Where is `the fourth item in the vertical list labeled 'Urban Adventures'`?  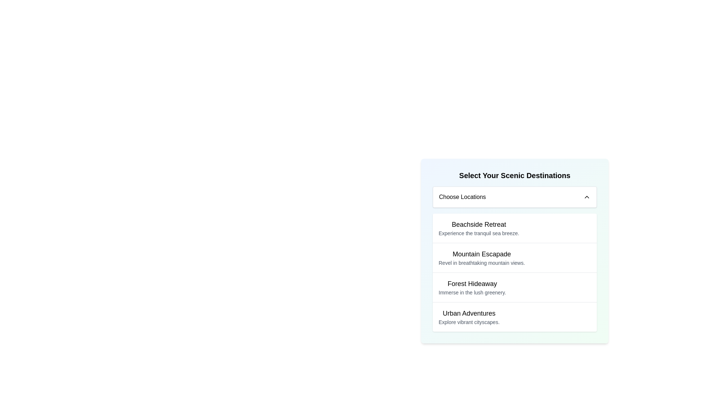
the fourth item in the vertical list labeled 'Urban Adventures' is located at coordinates (514, 316).